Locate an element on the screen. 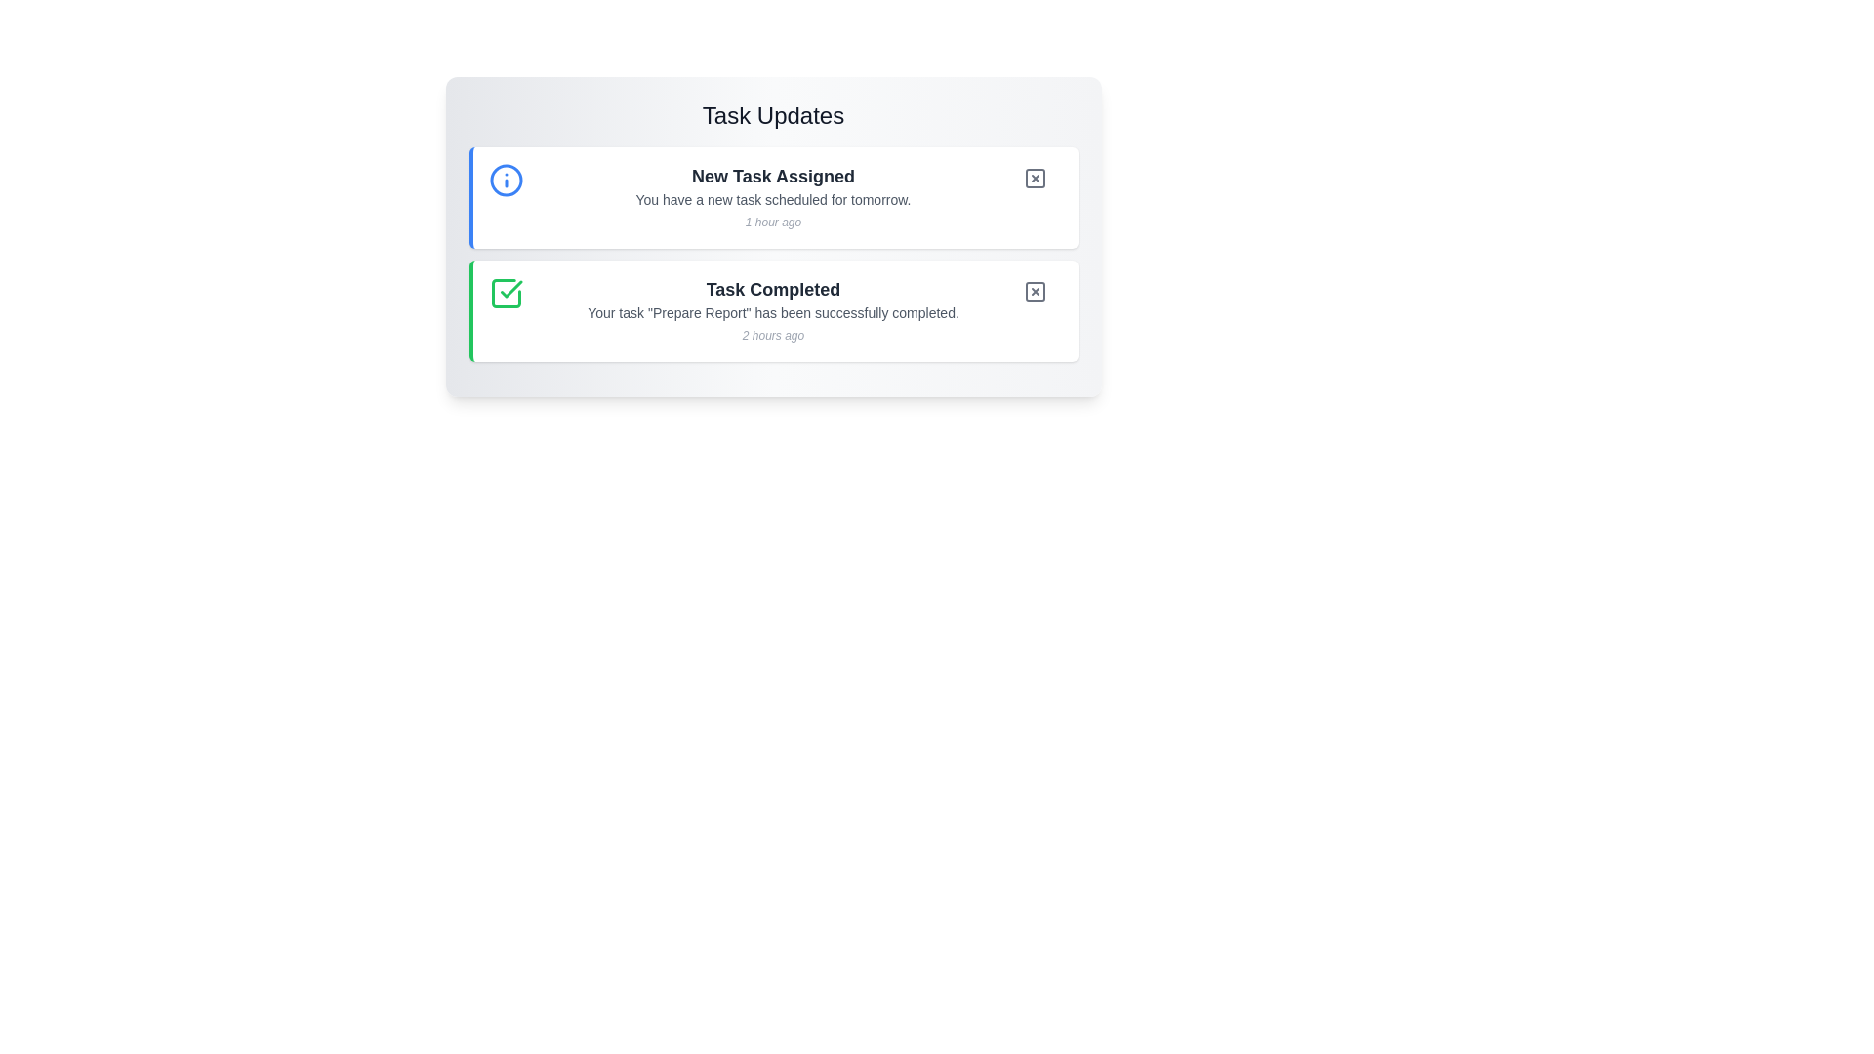 The height and width of the screenshot is (1054, 1874). the Heading text element which serves as the title for the task notification, positioned centrally at the top of the notification card in the 'Task Updates' section is located at coordinates (772, 177).